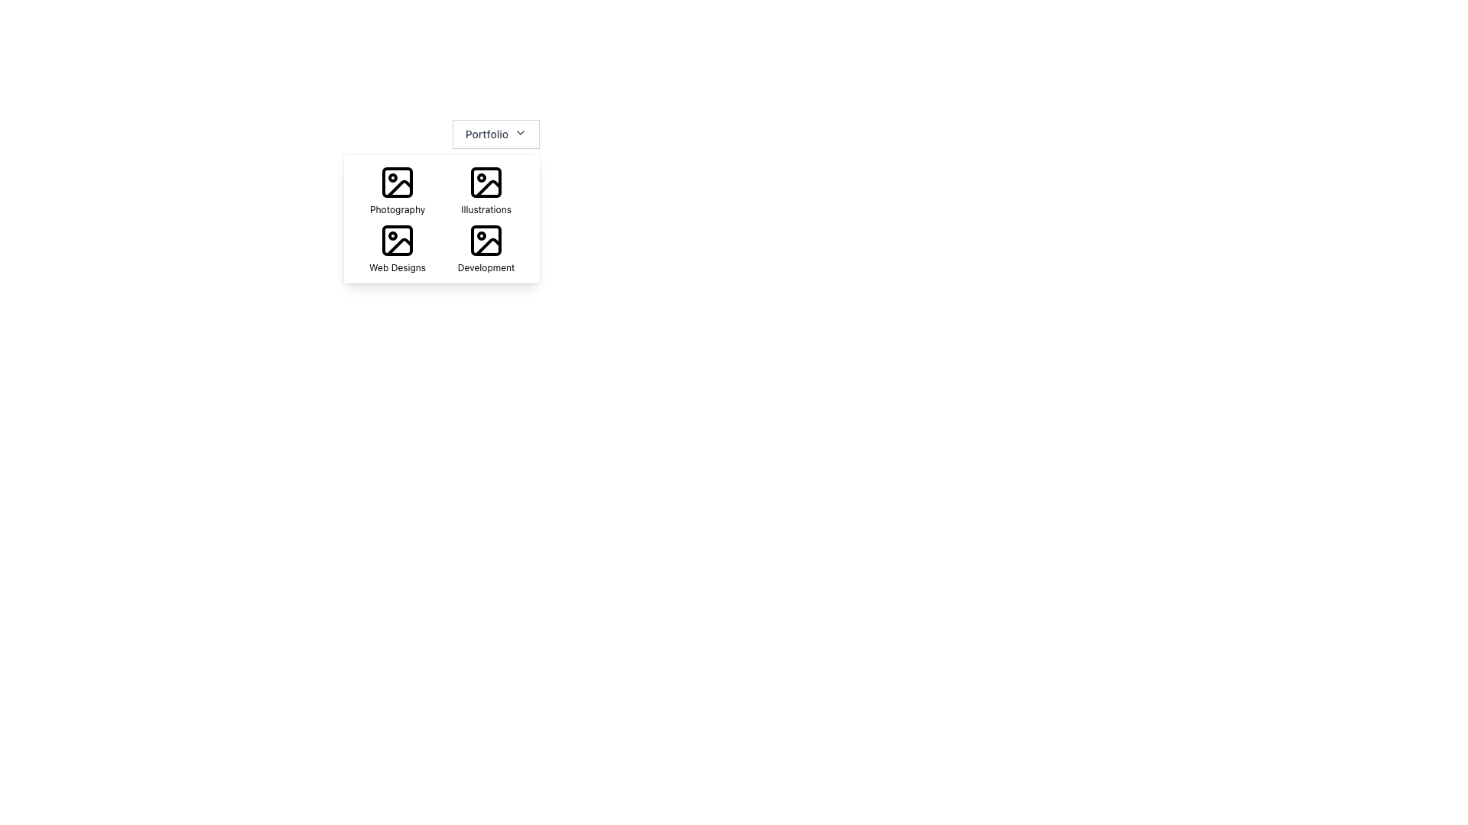 This screenshot has width=1468, height=825. Describe the element at coordinates (398, 209) in the screenshot. I see `the 'Photography' text label located in the second column of the first row of a 2x2 grid, which is centered beneath an image icon` at that location.